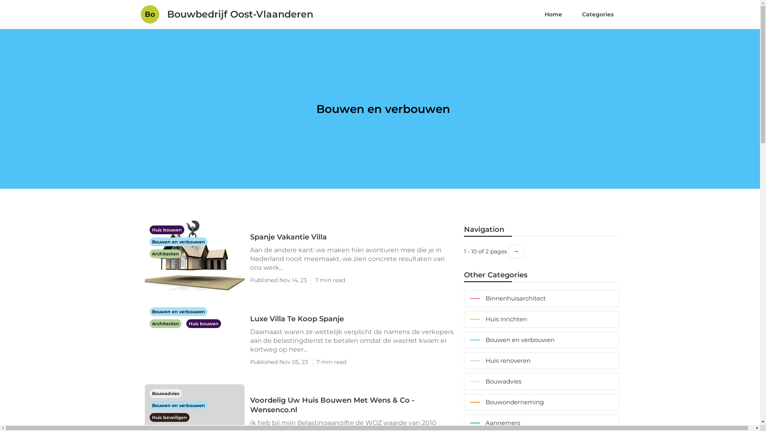  I want to click on 'Huis bouwen', so click(203, 323).